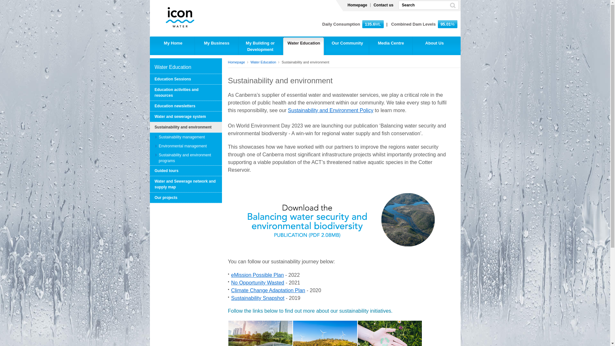  I want to click on 'Water and sewerage system', so click(149, 117).